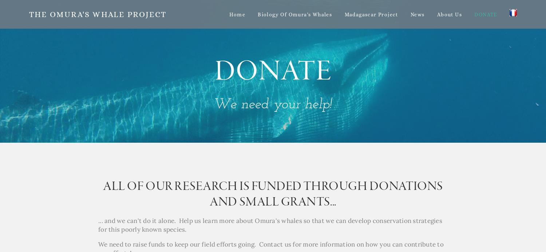 The height and width of the screenshot is (252, 546). I want to click on 'We need your help!', so click(213, 105).